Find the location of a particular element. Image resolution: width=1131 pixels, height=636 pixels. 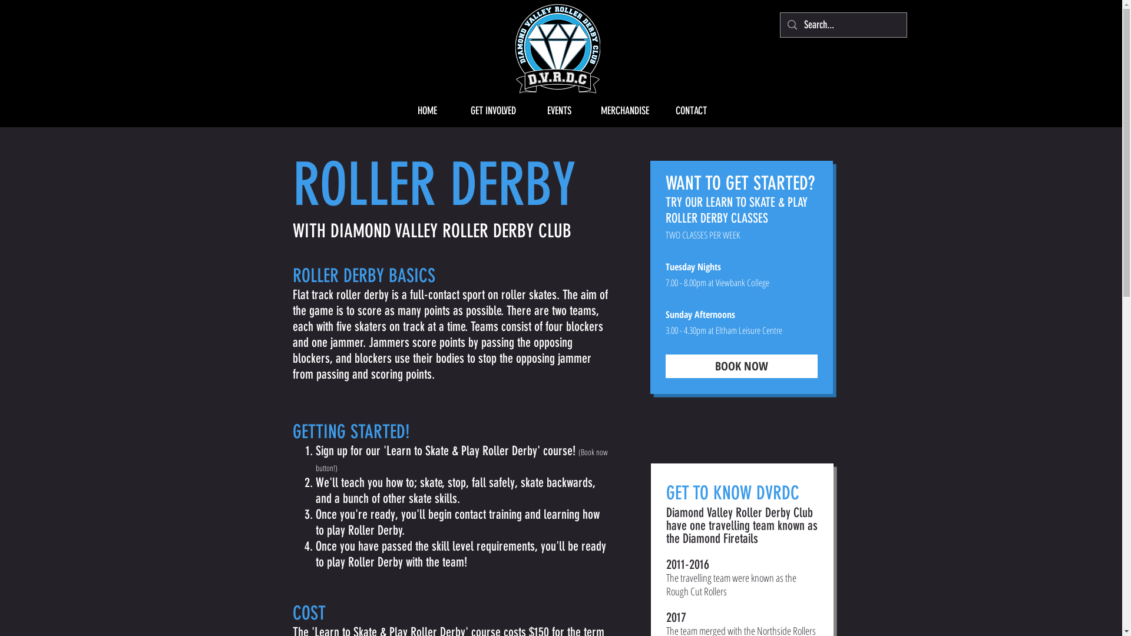

'HOME' is located at coordinates (393, 111).